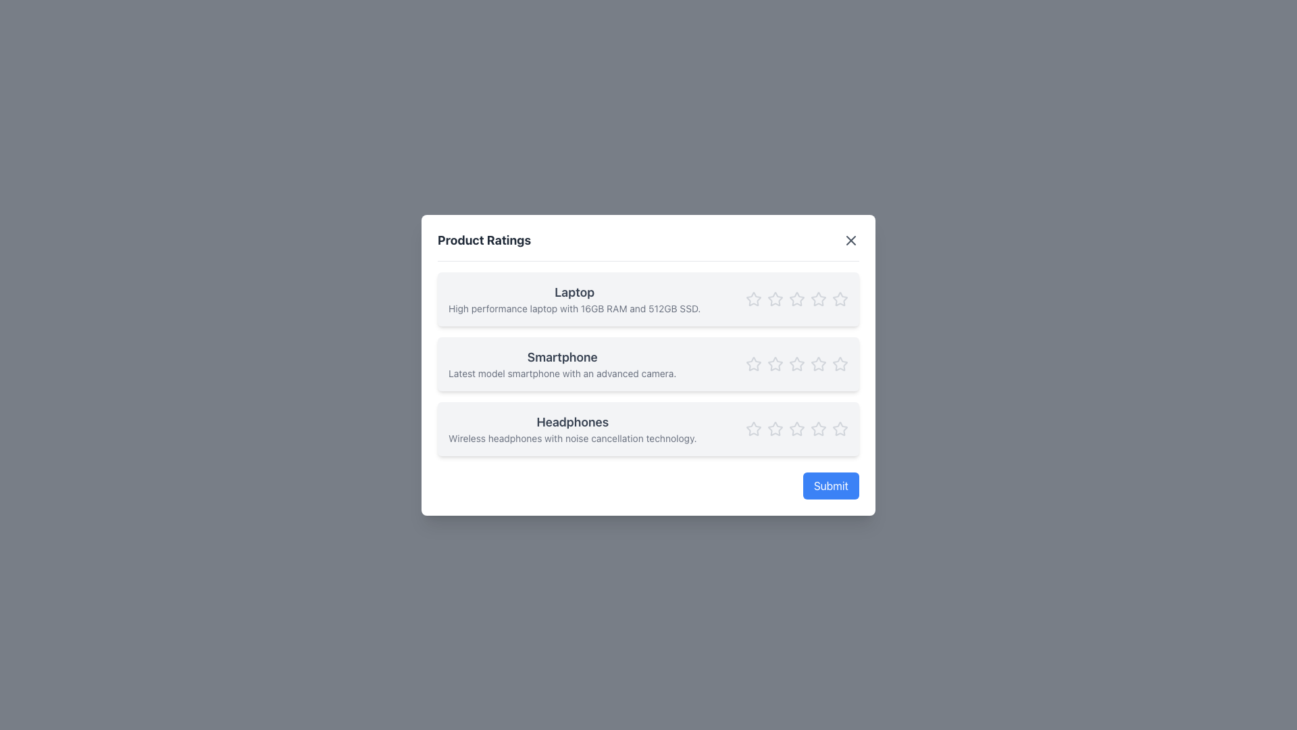 This screenshot has width=1297, height=730. I want to click on the third star icon in a horizontal array of five stars, located below the 'Headphones' description, so click(797, 429).